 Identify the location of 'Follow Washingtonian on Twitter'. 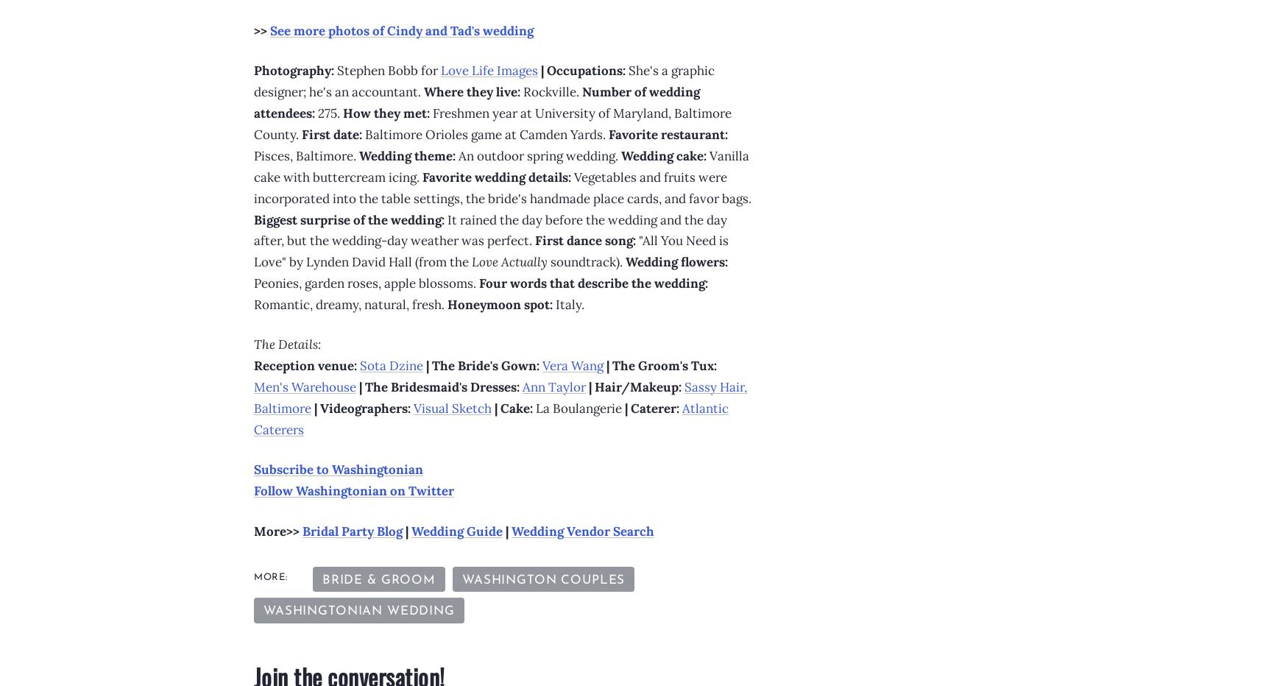
(354, 491).